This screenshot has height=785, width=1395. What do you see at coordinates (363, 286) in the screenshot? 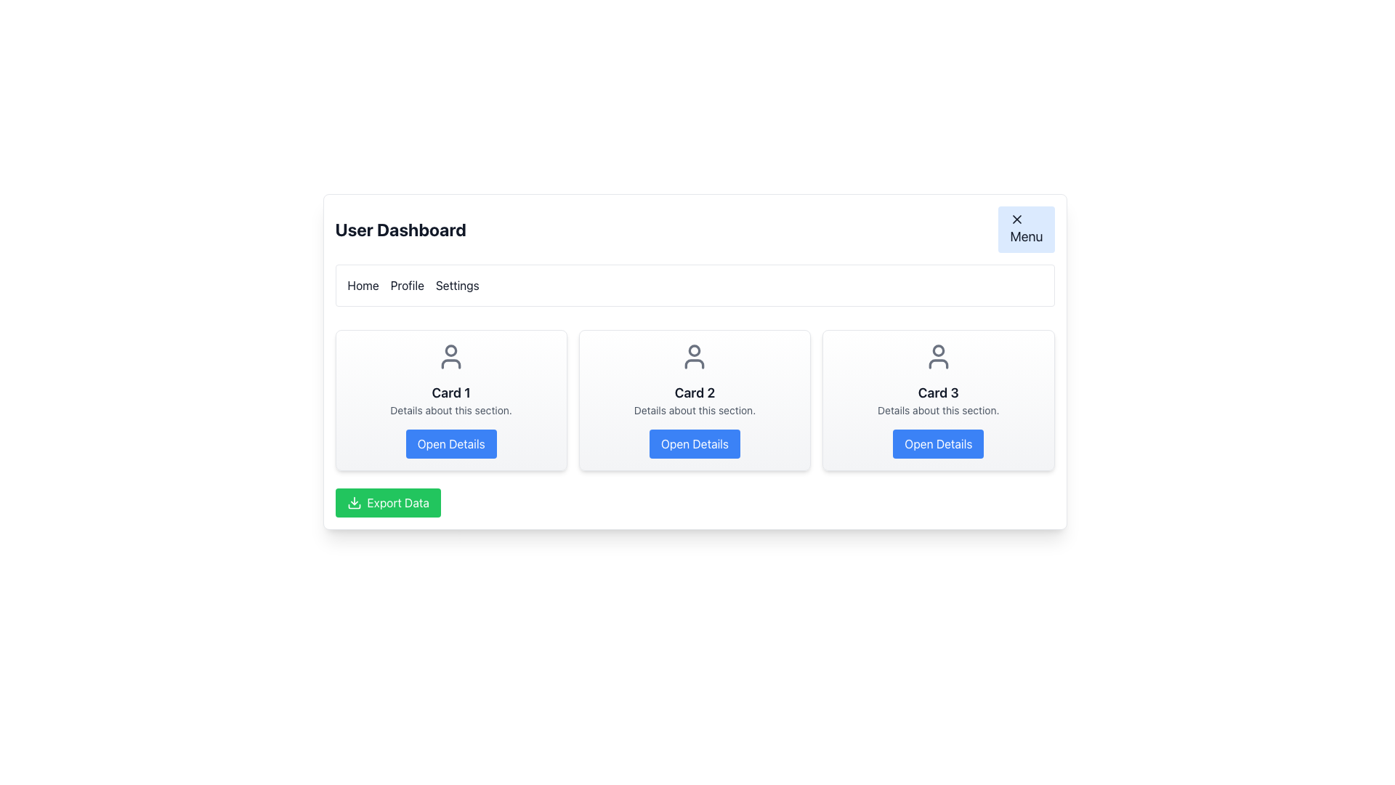
I see `the 'Home' text label in the horizontal navigation menu located on the top-left side of the application interface` at bounding box center [363, 286].